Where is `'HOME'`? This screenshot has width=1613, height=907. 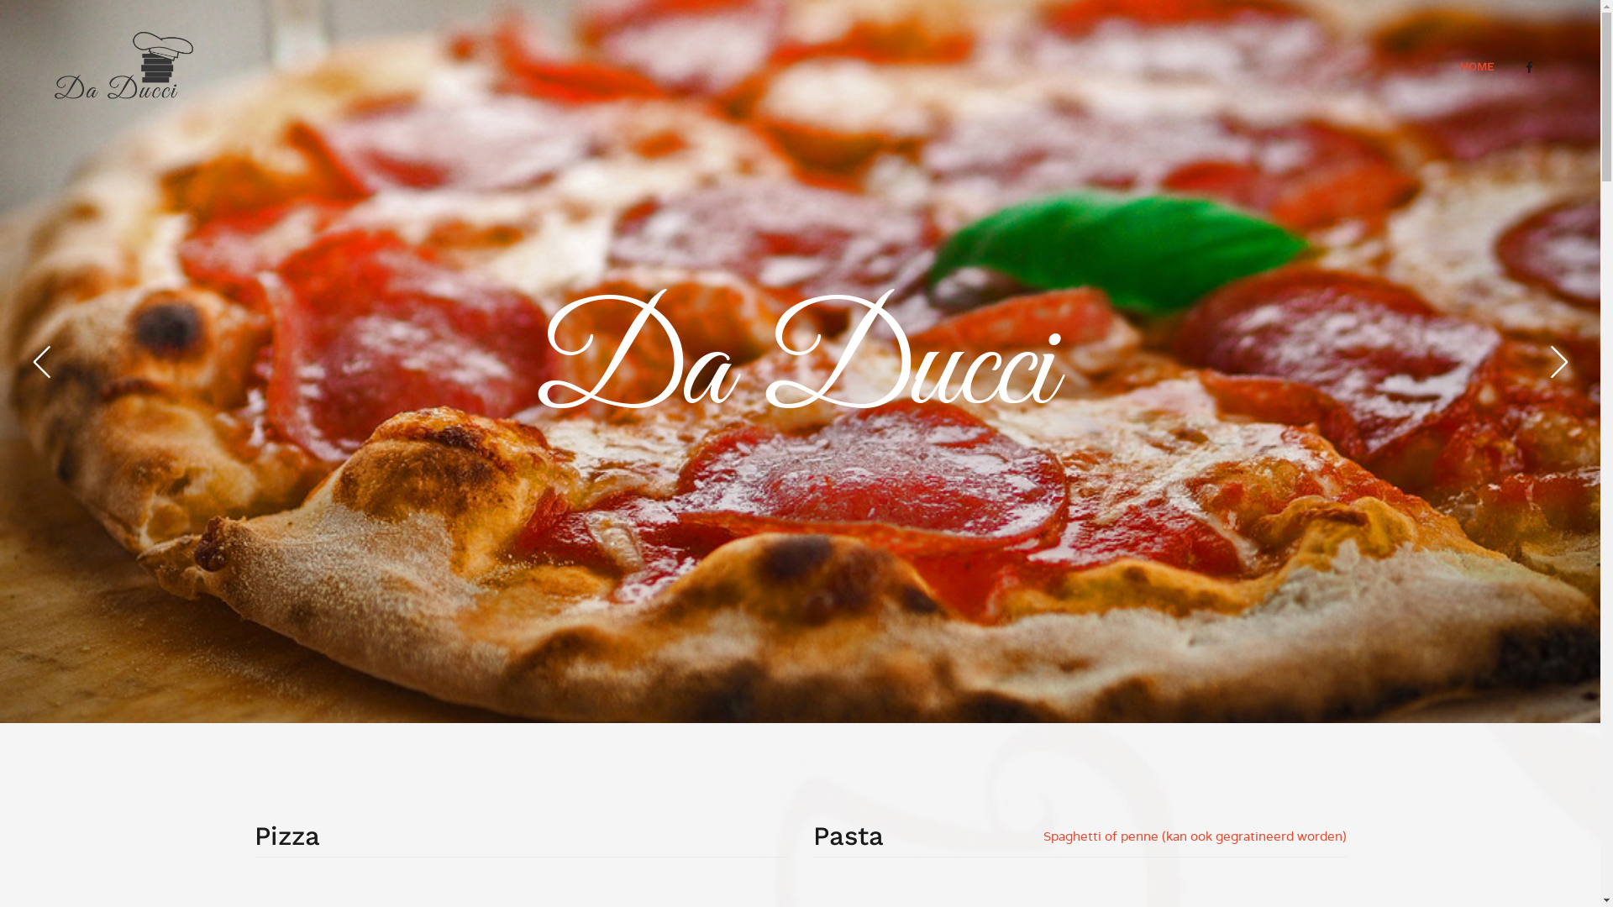 'HOME' is located at coordinates (1445, 65).